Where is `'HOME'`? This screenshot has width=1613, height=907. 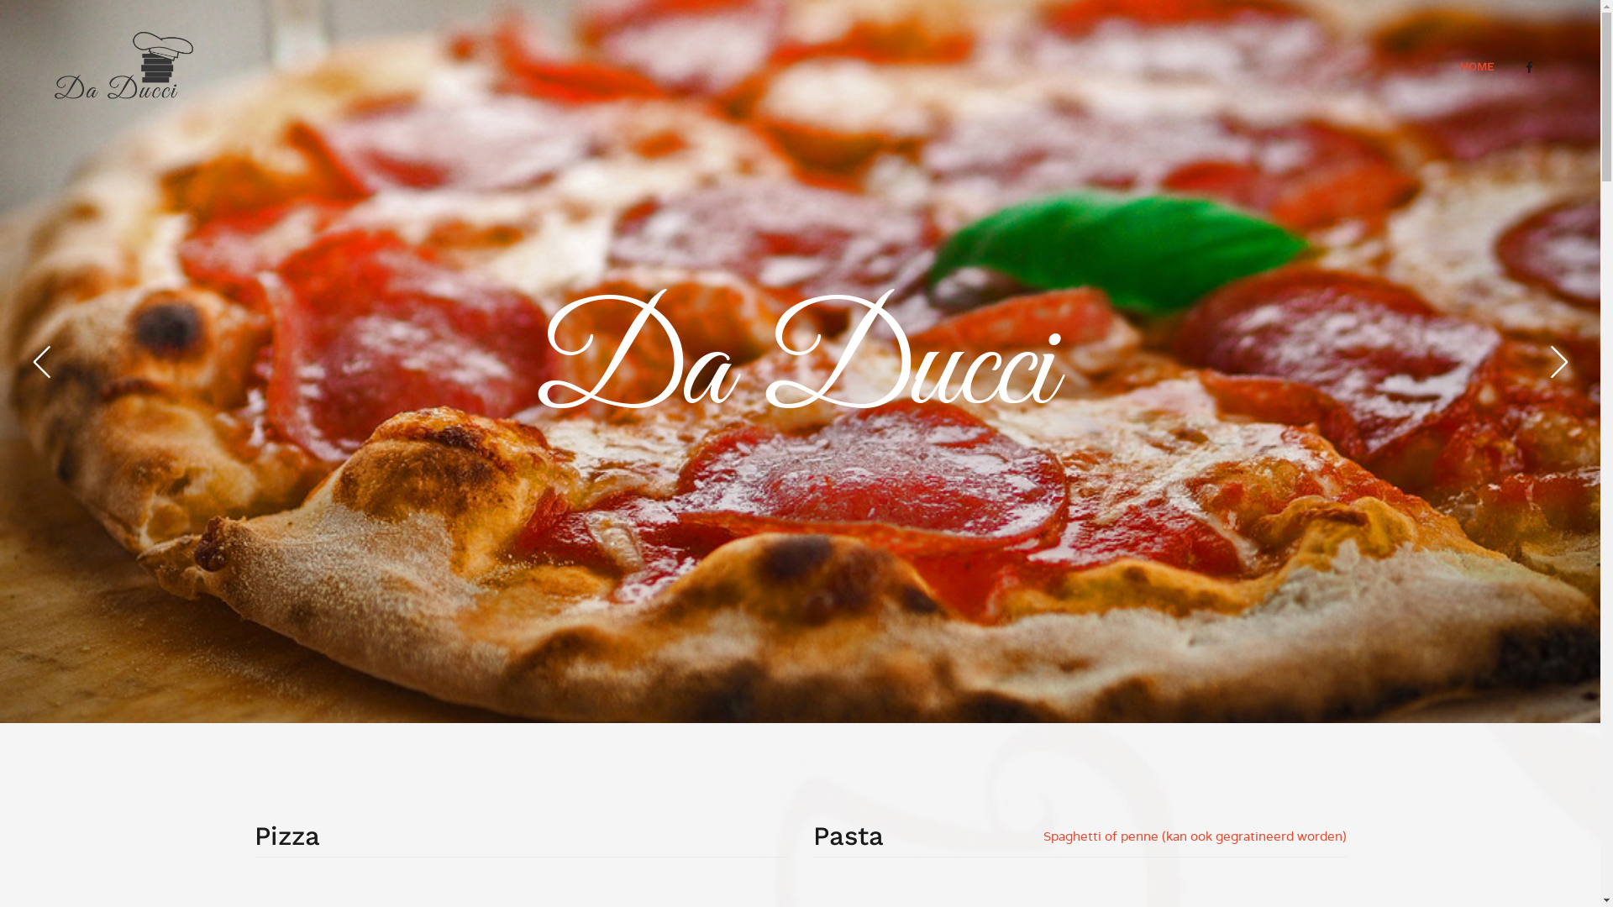 'HOME' is located at coordinates (1445, 65).